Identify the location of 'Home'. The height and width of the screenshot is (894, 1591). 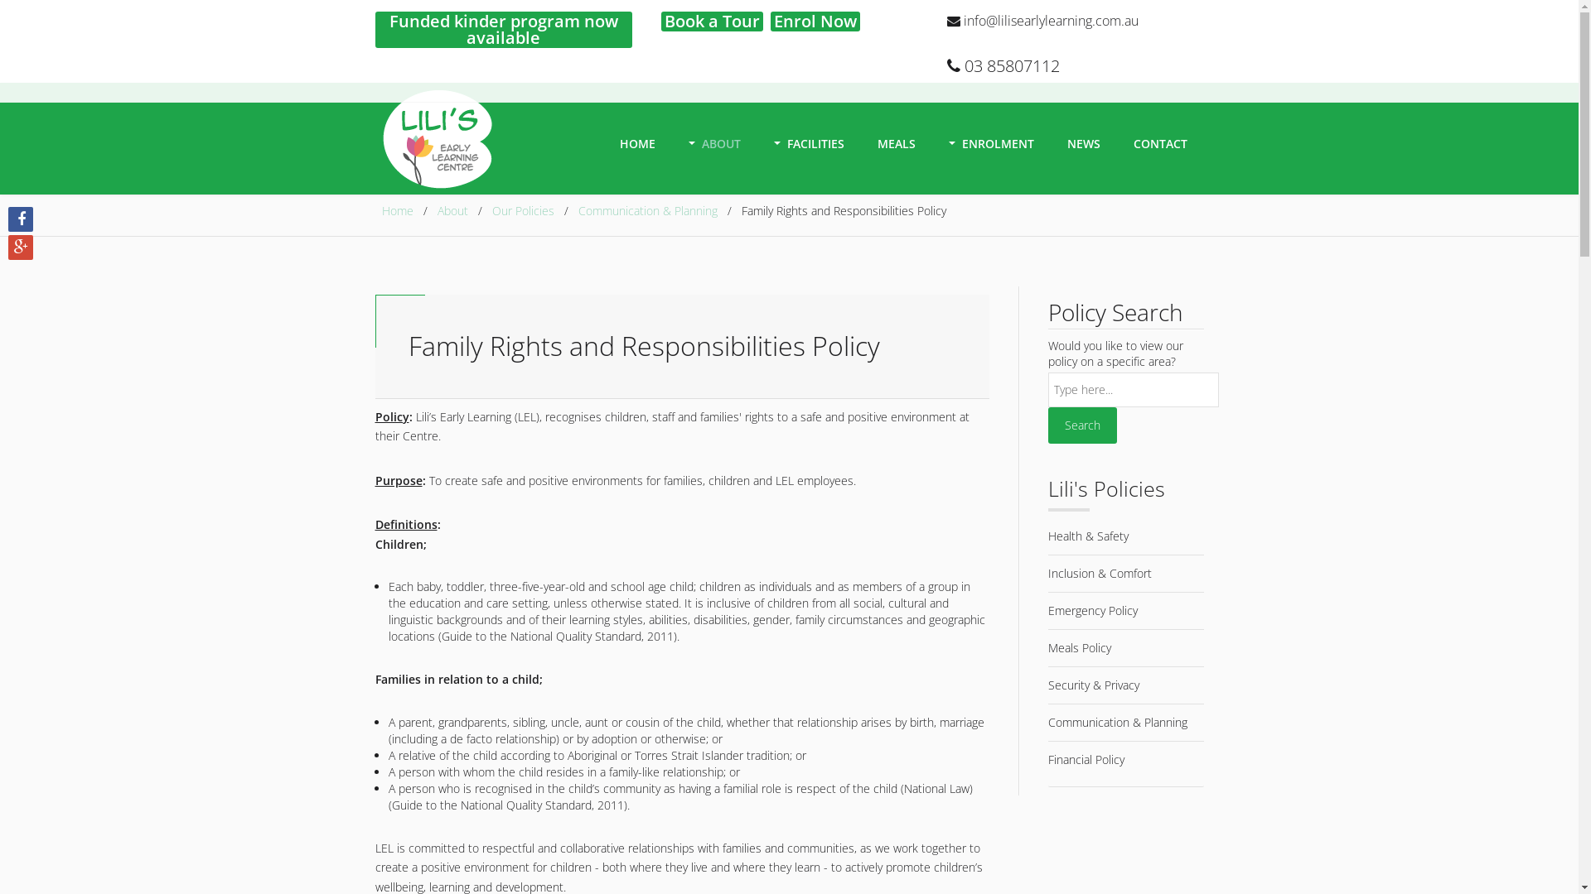
(396, 209).